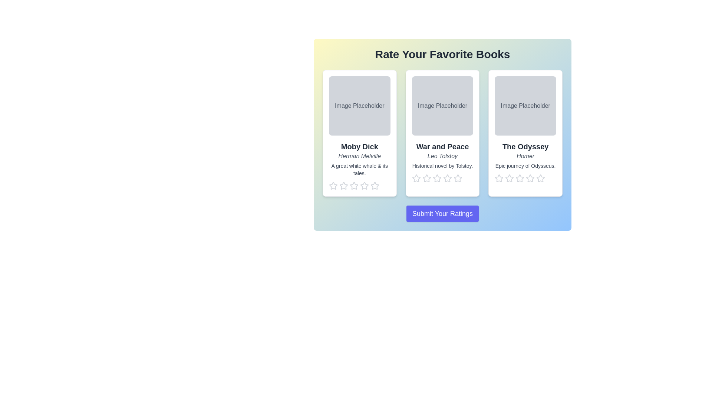  I want to click on the star corresponding to the rating 3 for the book Moby Dick, so click(354, 185).